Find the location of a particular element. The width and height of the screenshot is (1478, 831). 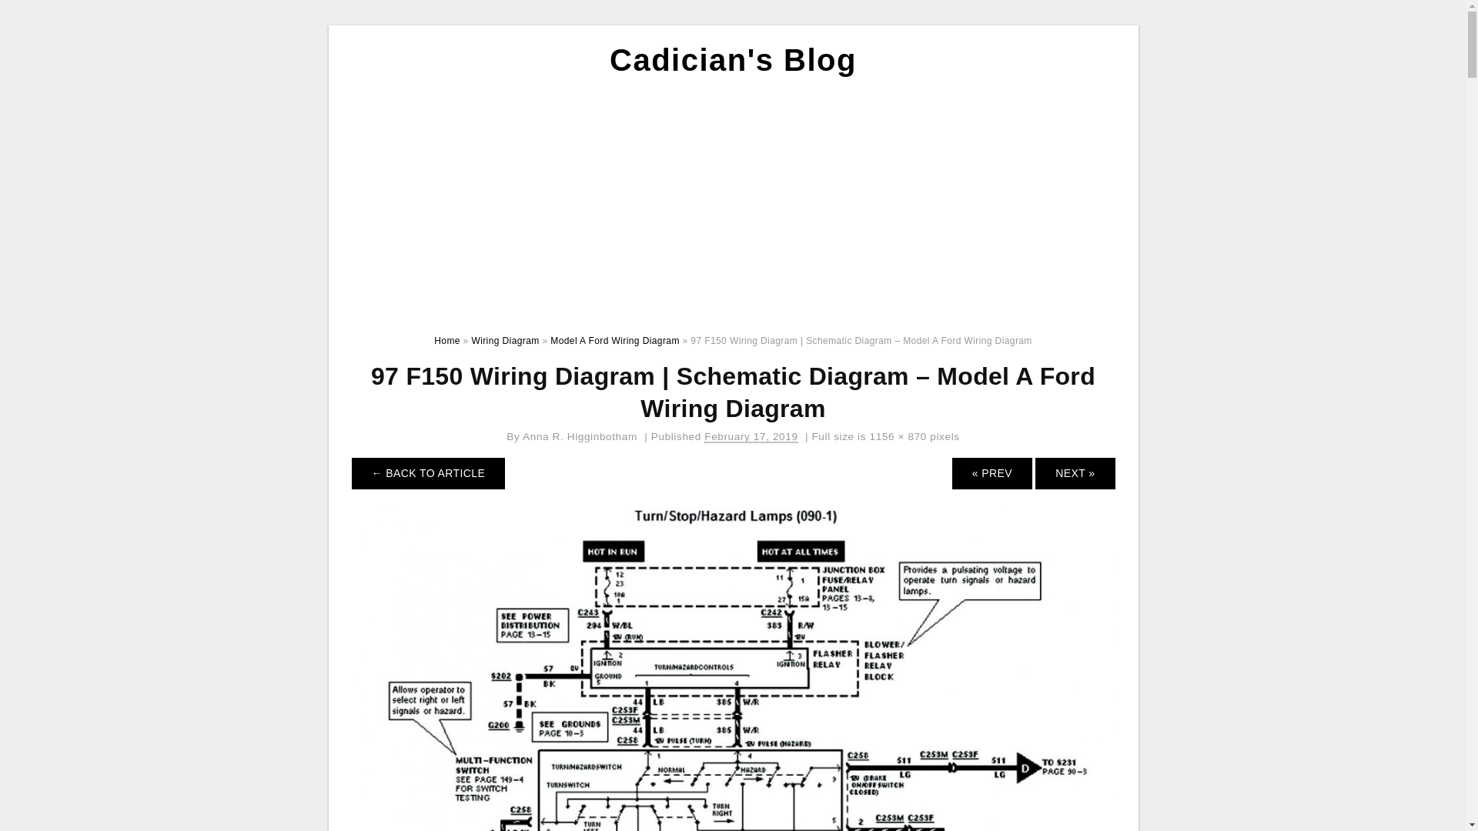

'Wiring Diagram' is located at coordinates (505, 340).